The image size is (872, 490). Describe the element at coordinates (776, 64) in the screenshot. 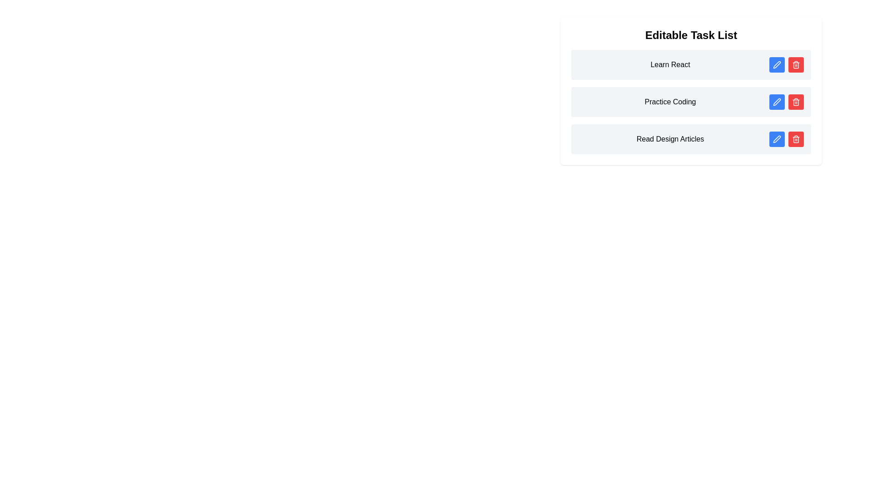

I see `the edit icon located within the blue rounded rectangular button next to the 'Learn React' task entry` at that location.